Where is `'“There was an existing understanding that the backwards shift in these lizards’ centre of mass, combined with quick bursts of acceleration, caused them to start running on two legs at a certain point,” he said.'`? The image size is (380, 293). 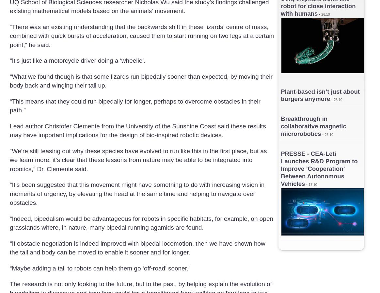
'“There was an existing understanding that the backwards shift in these lizards’ centre of mass, combined with quick bursts of acceleration, caused them to start running on two legs at a certain point,” he said.' is located at coordinates (142, 35).